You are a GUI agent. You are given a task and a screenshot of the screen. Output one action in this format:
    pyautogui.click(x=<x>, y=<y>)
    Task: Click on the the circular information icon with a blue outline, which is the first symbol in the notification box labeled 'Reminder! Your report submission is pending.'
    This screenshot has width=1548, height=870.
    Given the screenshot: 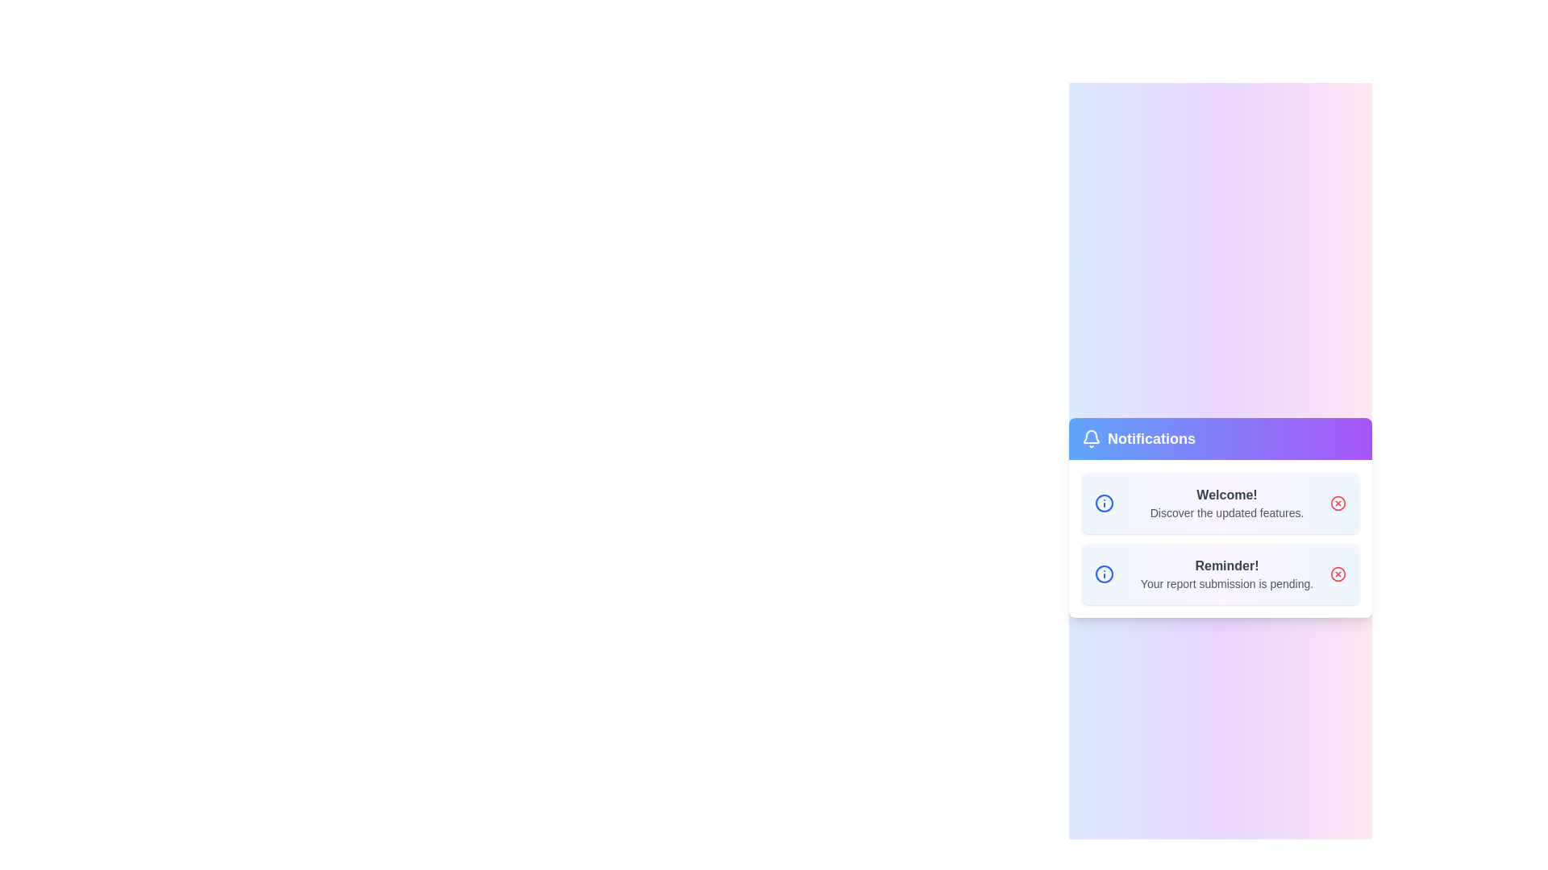 What is the action you would take?
    pyautogui.click(x=1103, y=574)
    